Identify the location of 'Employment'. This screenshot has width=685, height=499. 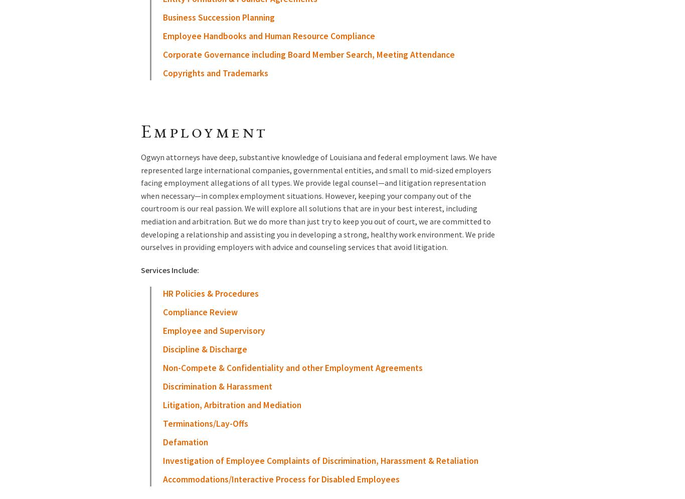
(204, 133).